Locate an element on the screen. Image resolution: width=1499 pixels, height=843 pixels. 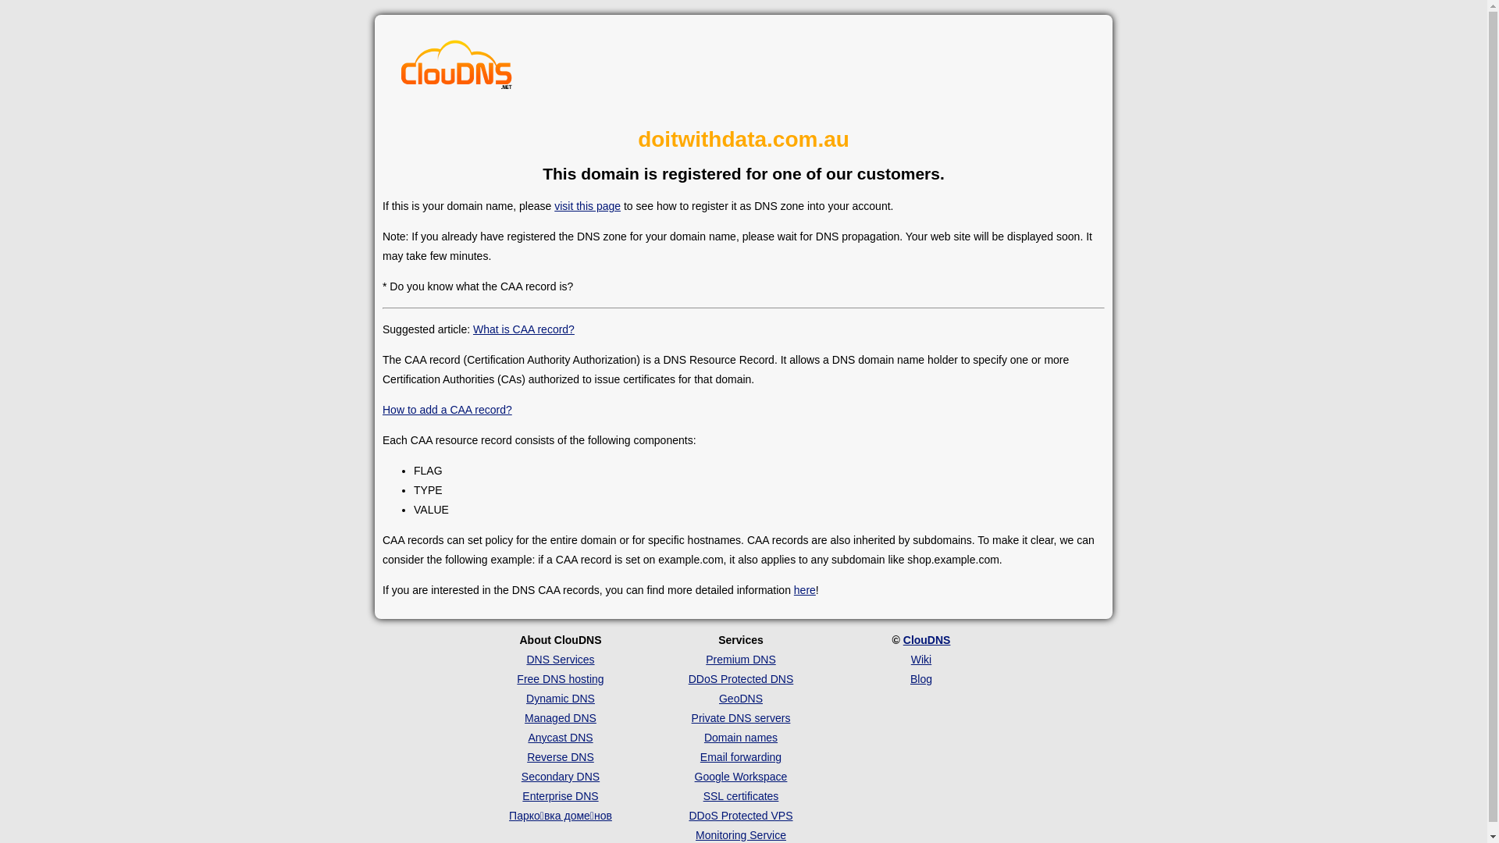
'GeoDNS' is located at coordinates (740, 697).